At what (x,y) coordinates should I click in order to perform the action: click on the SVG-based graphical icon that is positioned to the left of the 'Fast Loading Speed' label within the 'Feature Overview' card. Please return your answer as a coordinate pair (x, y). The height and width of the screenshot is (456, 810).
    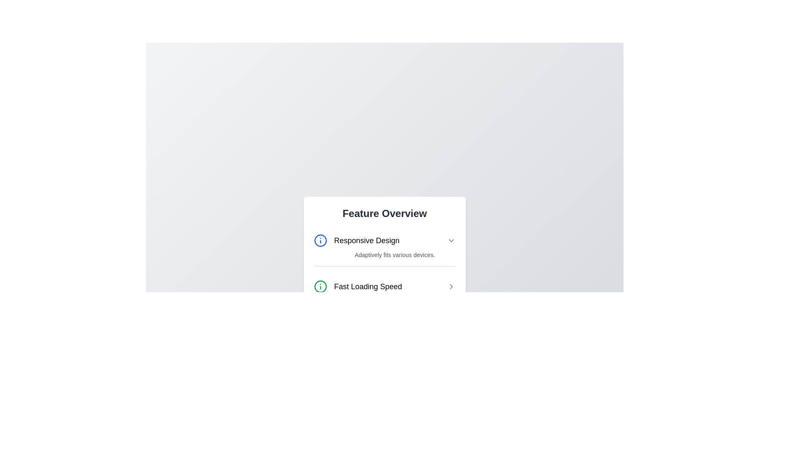
    Looking at the image, I should click on (320, 286).